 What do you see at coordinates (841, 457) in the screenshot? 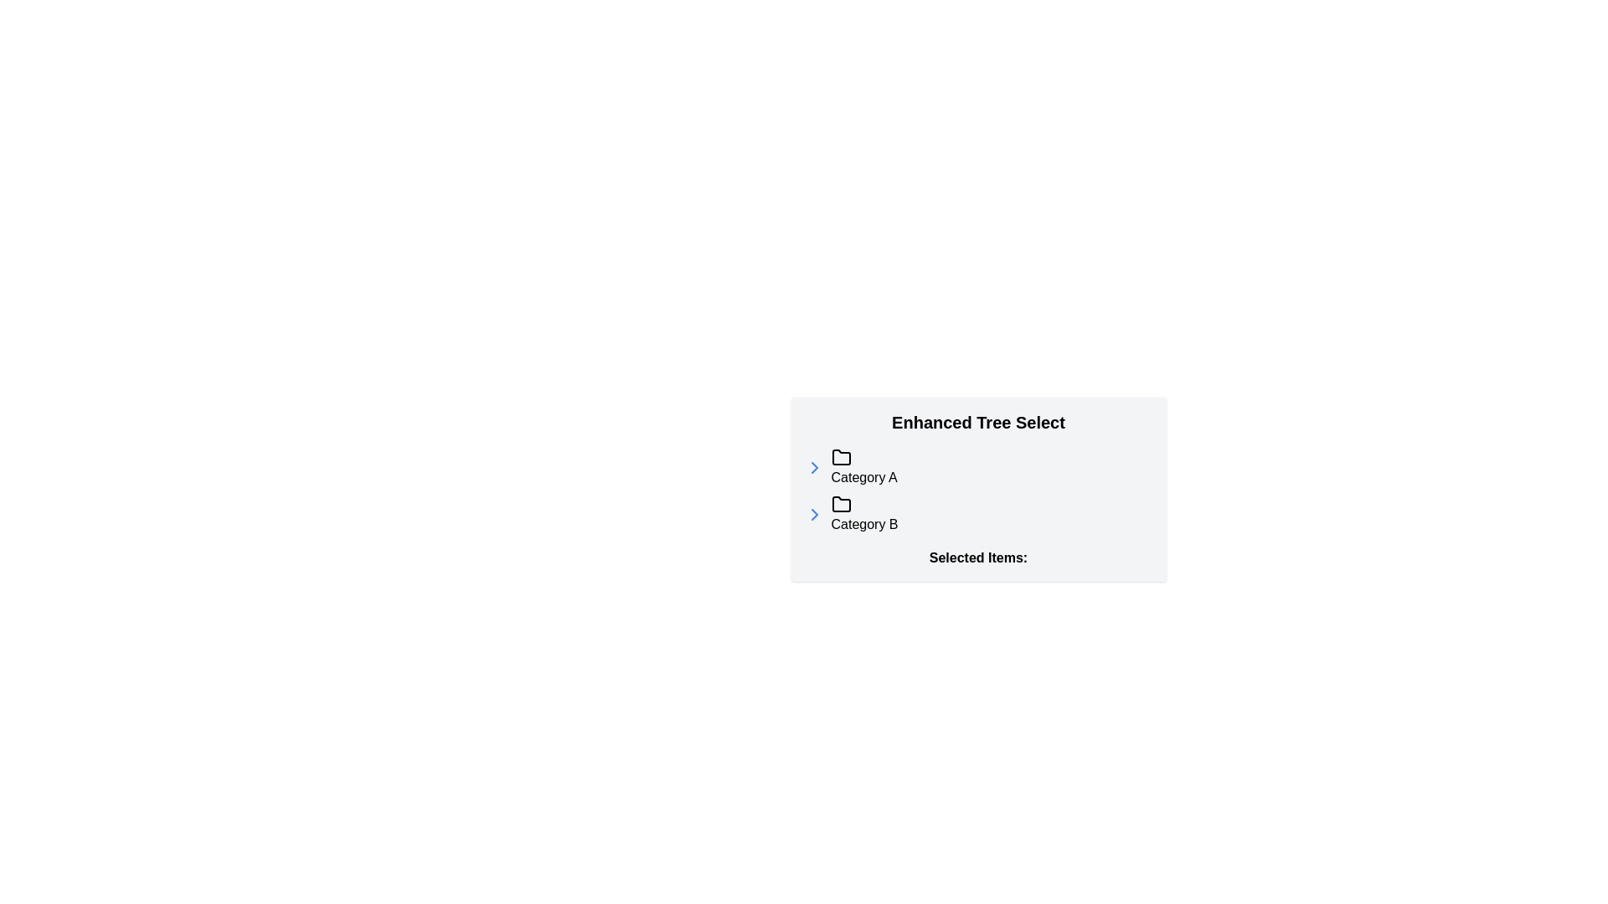
I see `the outlined folder icon component` at bounding box center [841, 457].